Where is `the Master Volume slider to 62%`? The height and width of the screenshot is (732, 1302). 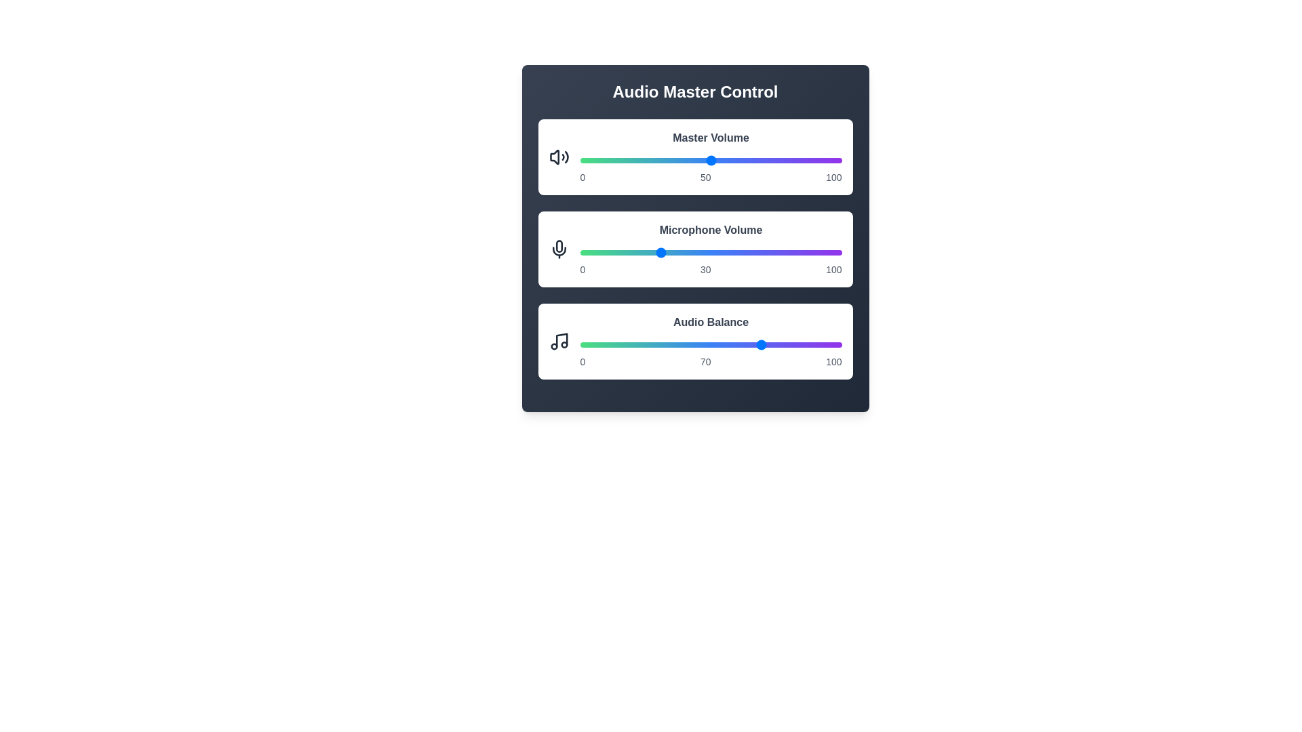 the Master Volume slider to 62% is located at coordinates (741, 159).